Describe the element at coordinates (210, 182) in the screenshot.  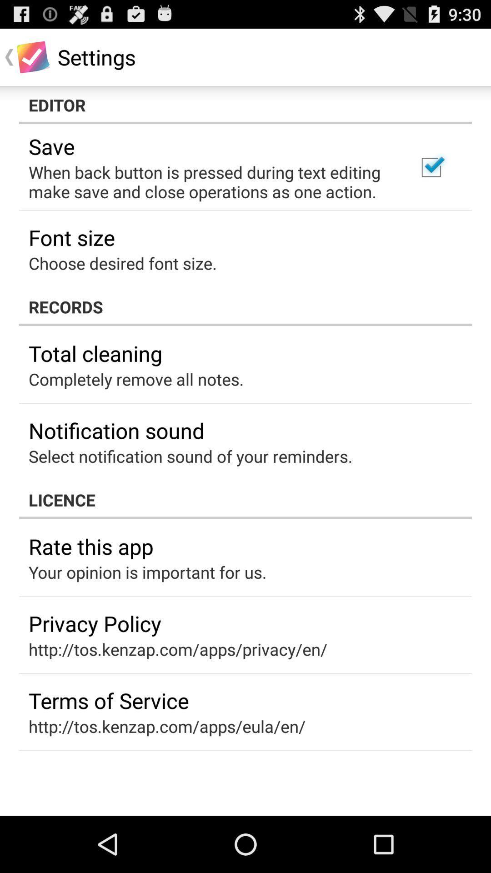
I see `when back button` at that location.